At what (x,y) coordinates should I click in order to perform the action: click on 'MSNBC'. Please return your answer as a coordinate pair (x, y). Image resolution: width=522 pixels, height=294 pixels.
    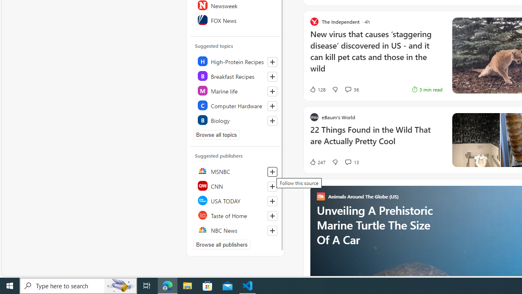
    Looking at the image, I should click on (235, 171).